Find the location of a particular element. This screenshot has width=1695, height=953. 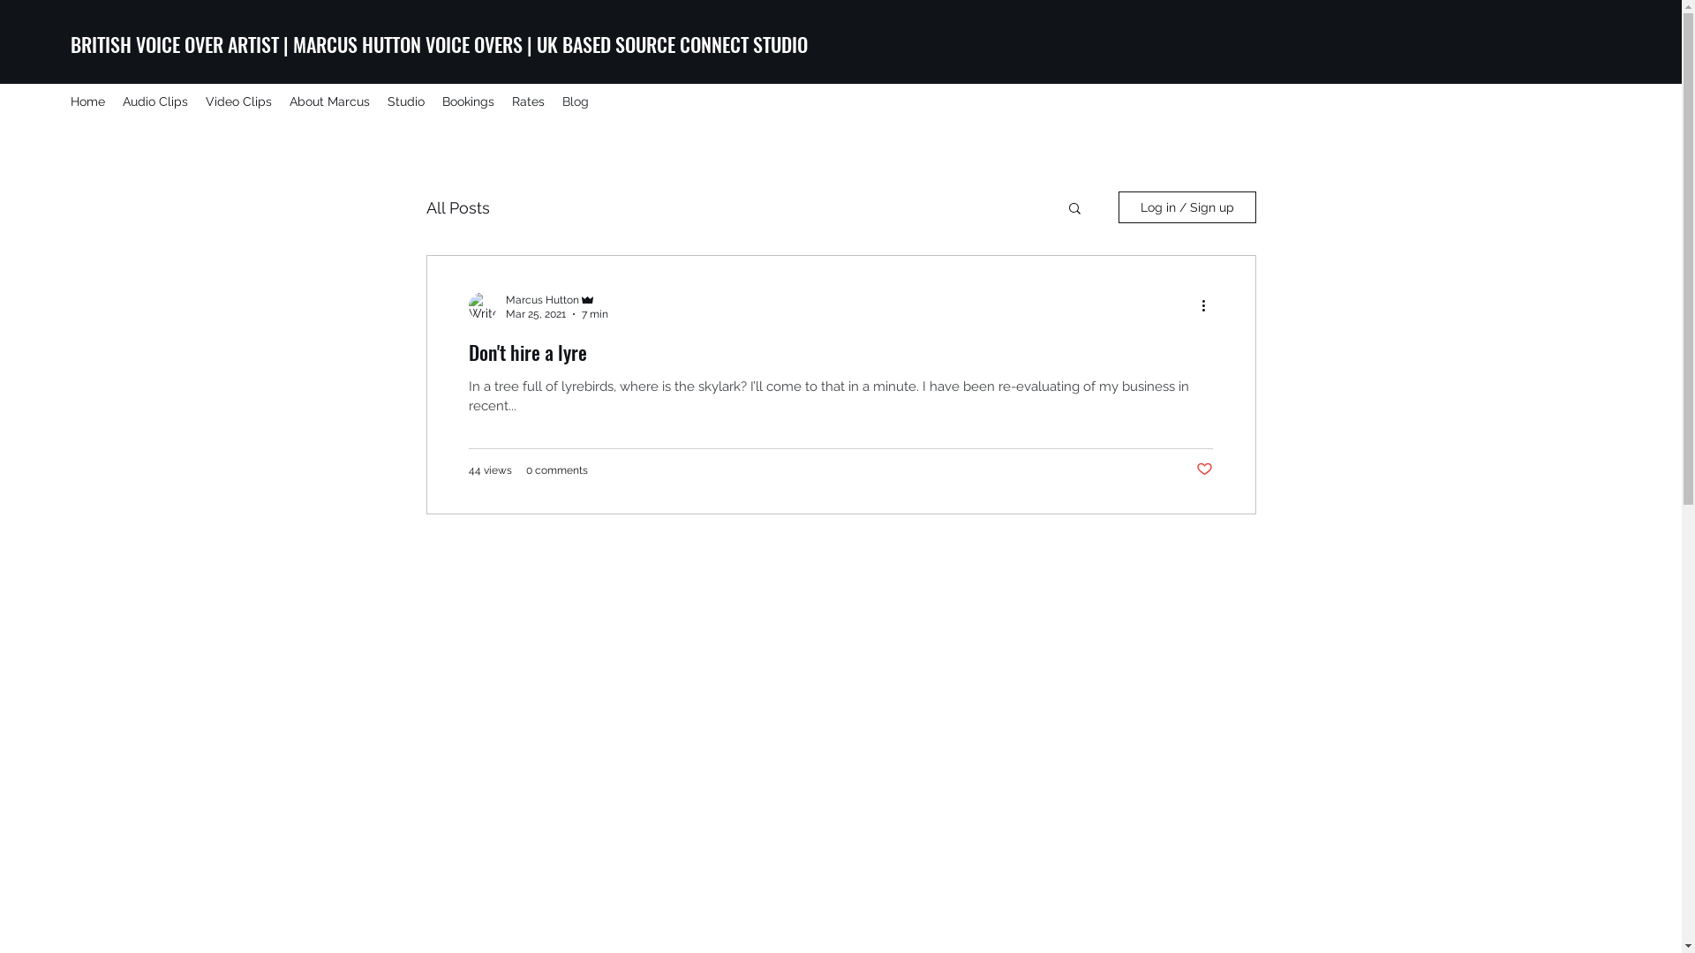

'Home' is located at coordinates (87, 101).